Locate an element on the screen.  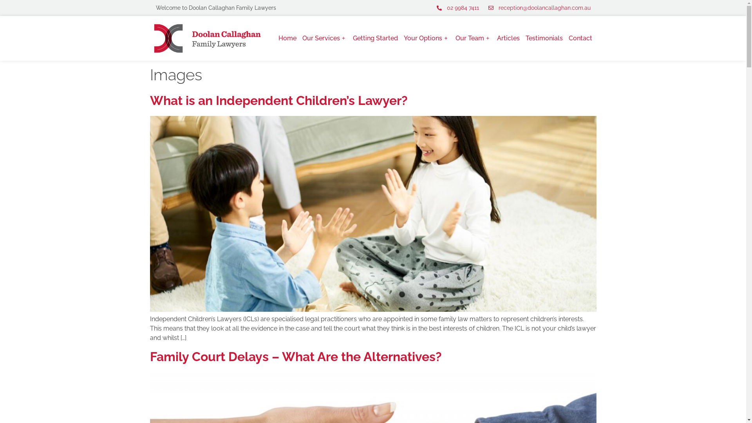
'Your Options' is located at coordinates (426, 38).